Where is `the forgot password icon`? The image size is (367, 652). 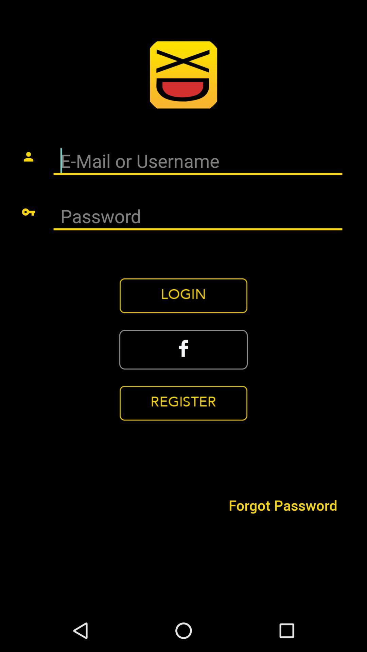 the forgot password icon is located at coordinates (283, 505).